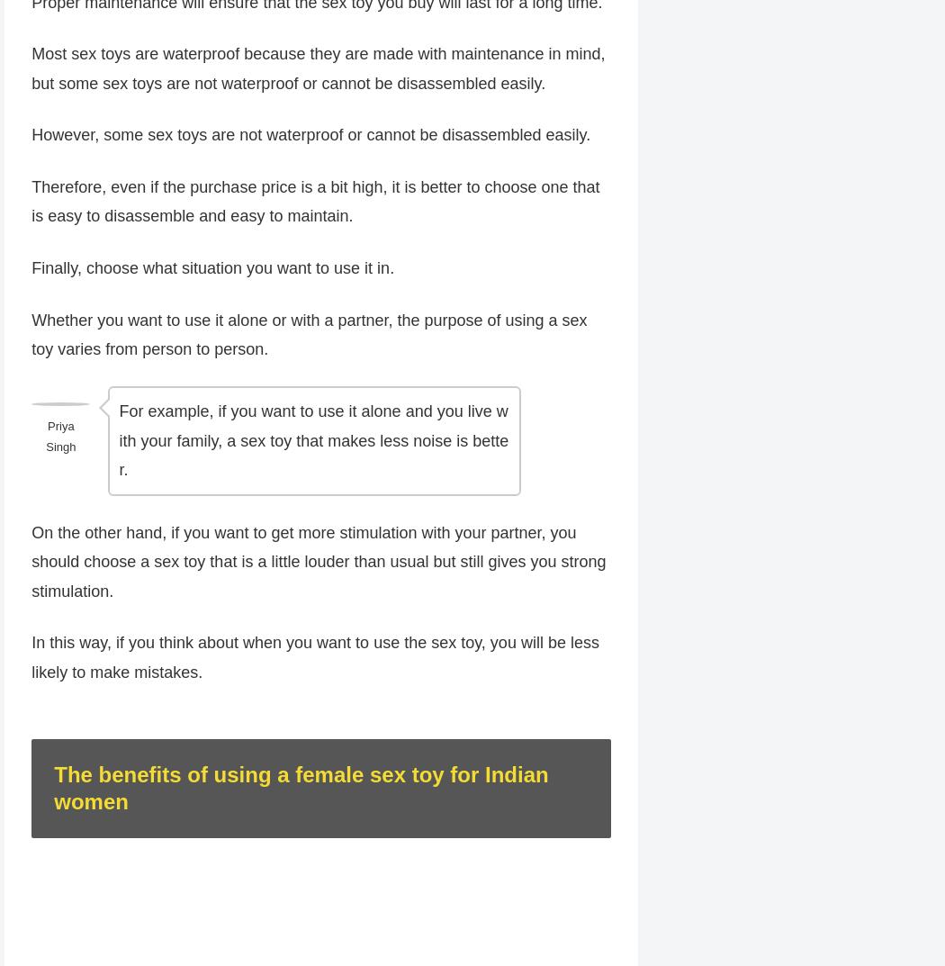 The image size is (945, 966). What do you see at coordinates (45, 475) in the screenshot?
I see `'Priya Singh'` at bounding box center [45, 475].